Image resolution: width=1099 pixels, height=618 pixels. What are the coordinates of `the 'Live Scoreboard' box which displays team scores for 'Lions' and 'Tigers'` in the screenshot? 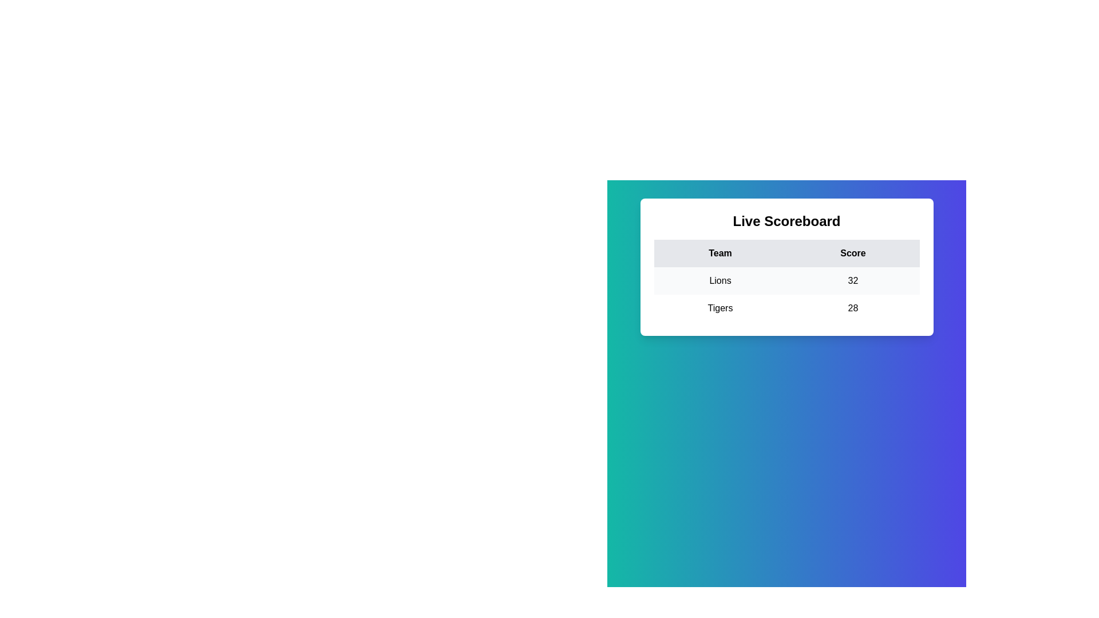 It's located at (786, 267).